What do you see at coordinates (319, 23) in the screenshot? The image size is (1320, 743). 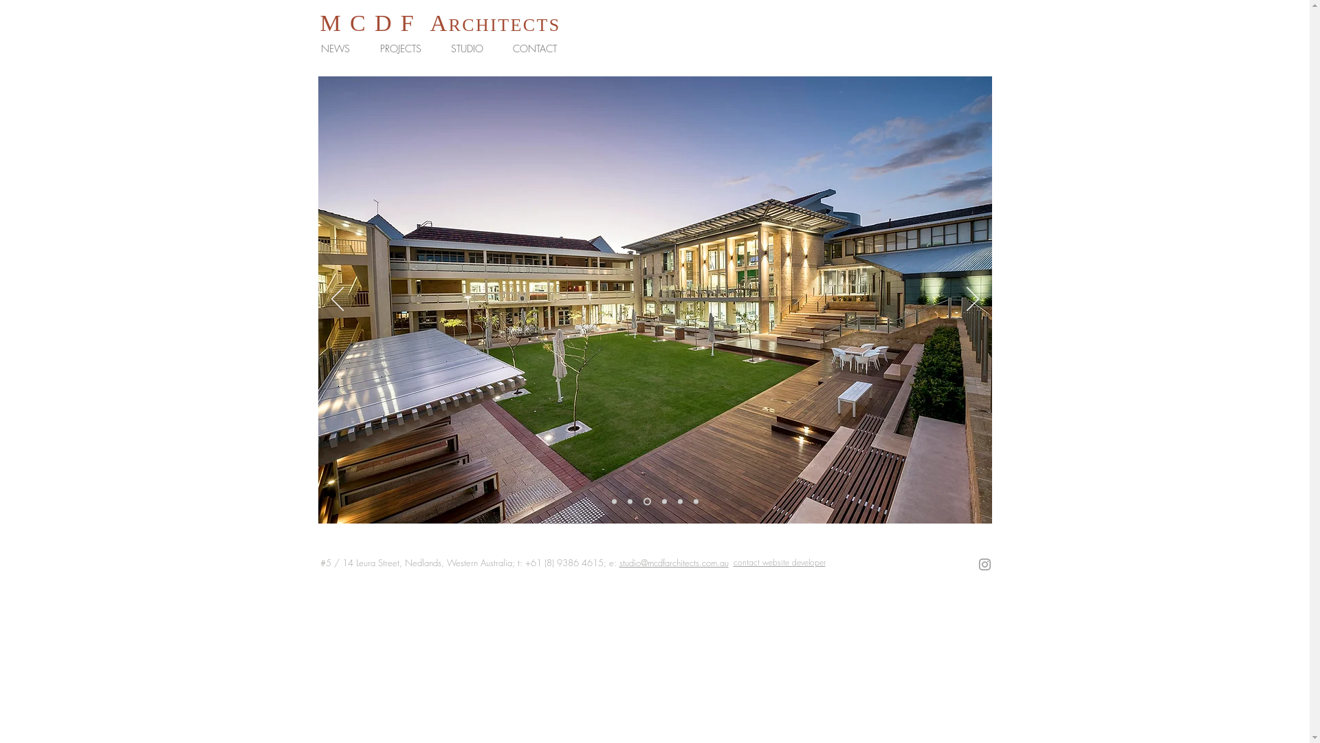 I see `'M C D F'` at bounding box center [319, 23].